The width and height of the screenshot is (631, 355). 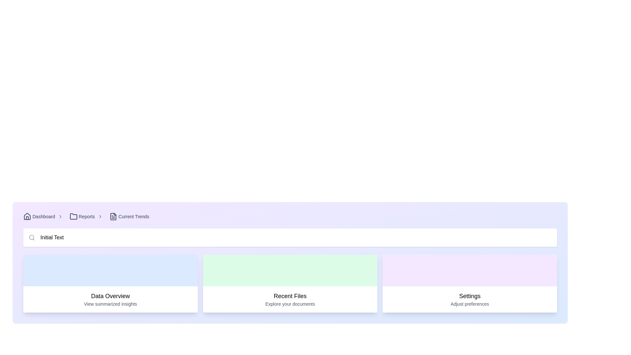 What do you see at coordinates (60, 217) in the screenshot?
I see `the rightward-pointing gray chevron icon located within the breadcrumb navigation, which is situated to the right of the 'Dashboard' text` at bounding box center [60, 217].